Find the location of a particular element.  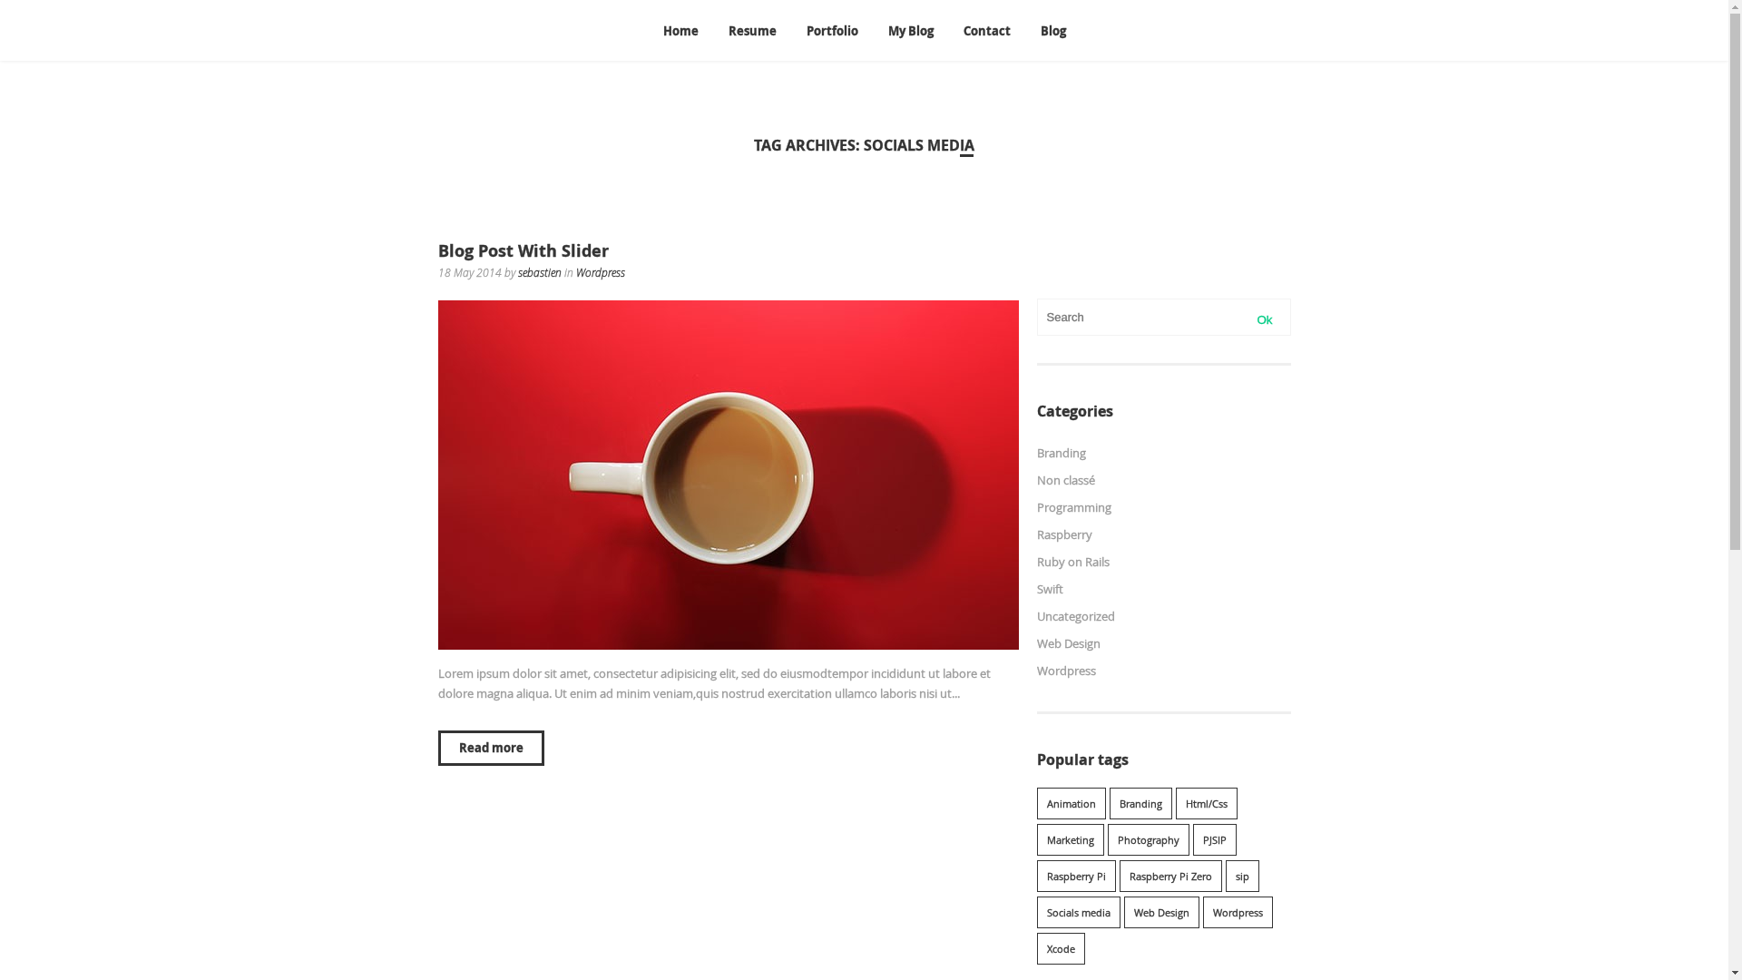

'Wordpress' is located at coordinates (1237, 912).